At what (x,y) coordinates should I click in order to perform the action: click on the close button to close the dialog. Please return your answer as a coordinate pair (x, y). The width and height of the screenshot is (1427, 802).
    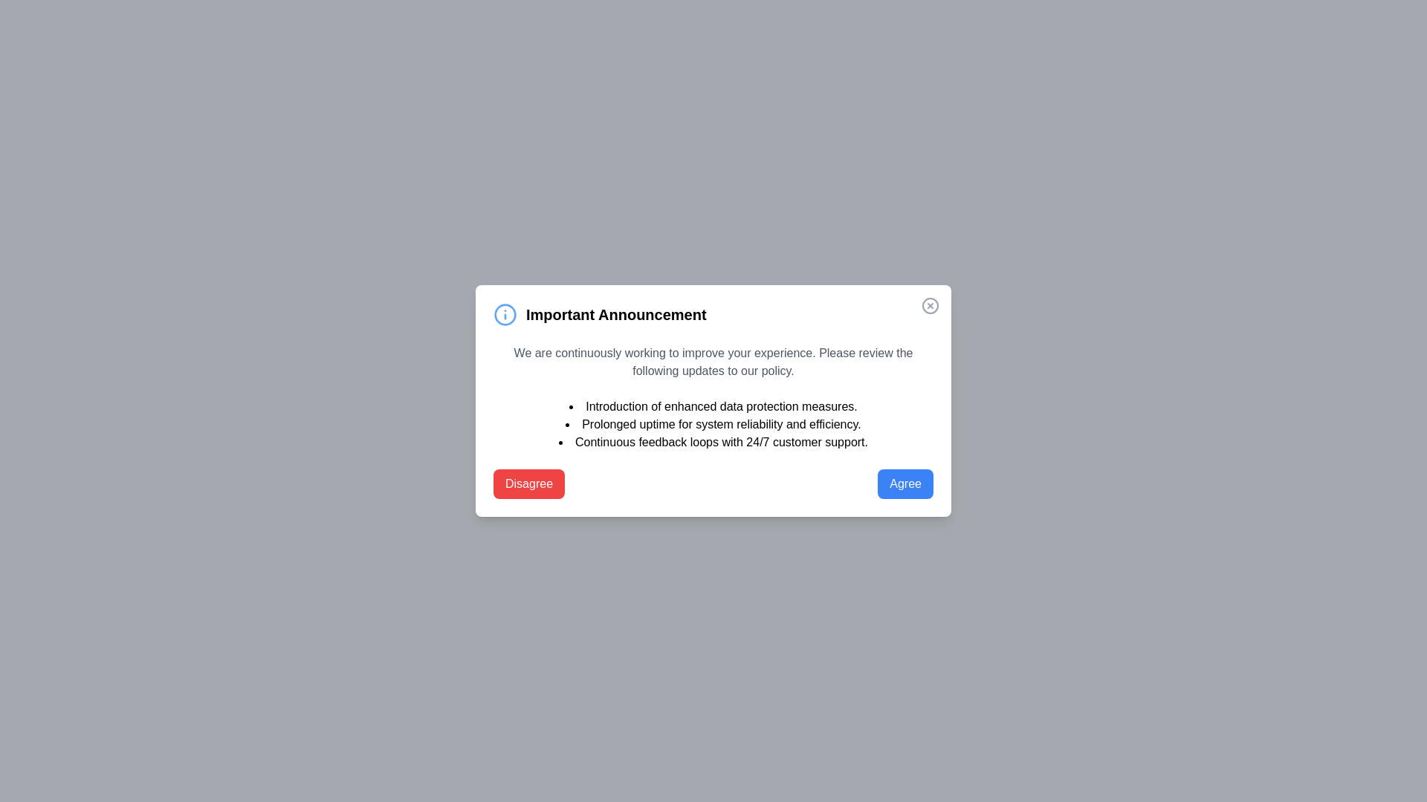
    Looking at the image, I should click on (930, 305).